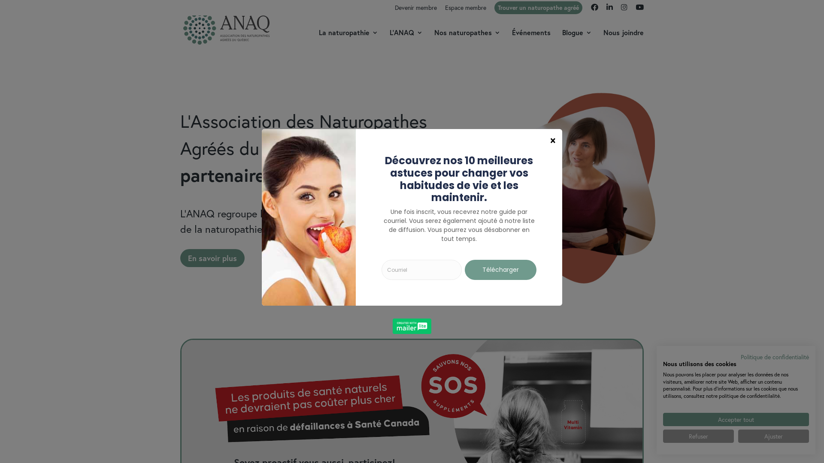  What do you see at coordinates (348, 39) in the screenshot?
I see `'La naturopathie'` at bounding box center [348, 39].